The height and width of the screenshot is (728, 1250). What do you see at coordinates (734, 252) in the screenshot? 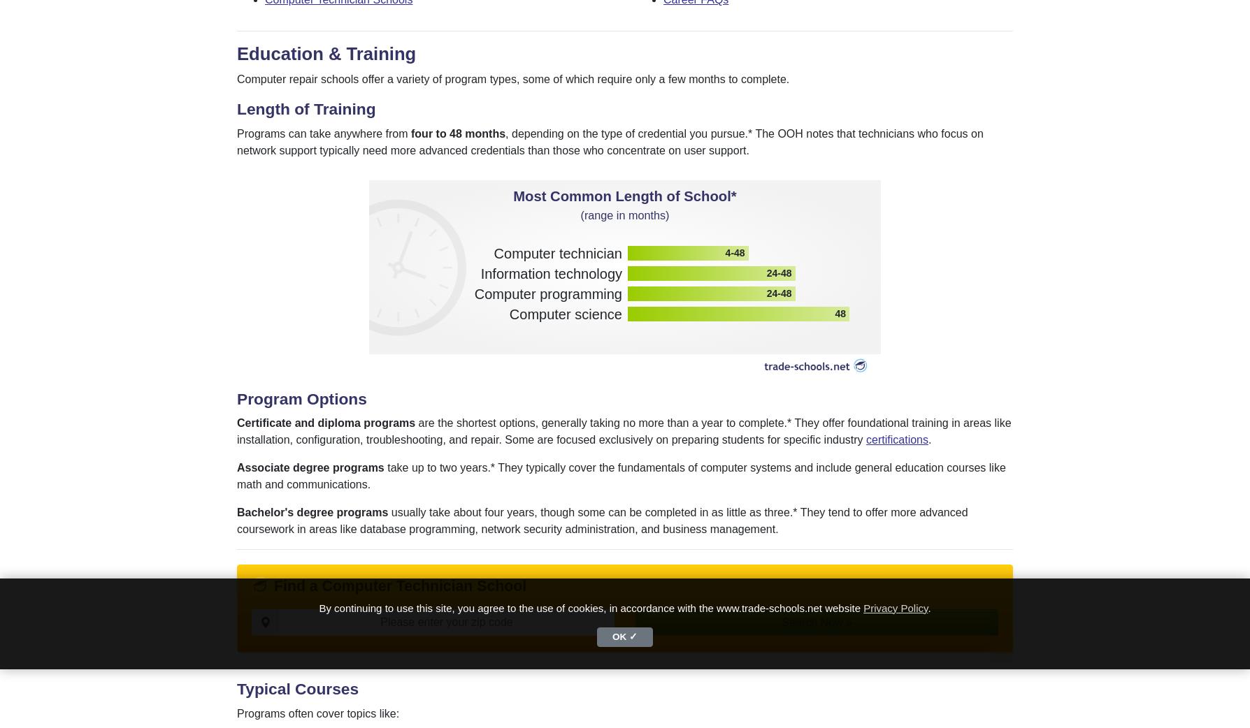
I see `'4-48'` at bounding box center [734, 252].